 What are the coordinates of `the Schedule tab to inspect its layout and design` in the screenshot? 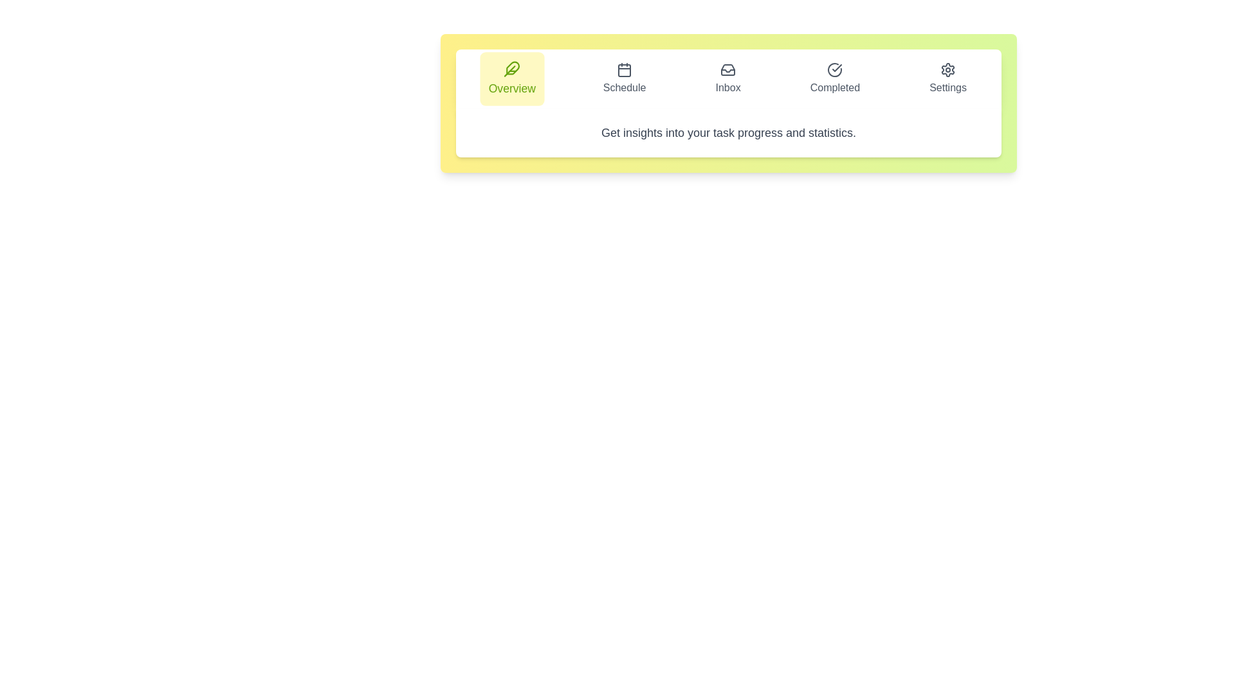 It's located at (624, 79).